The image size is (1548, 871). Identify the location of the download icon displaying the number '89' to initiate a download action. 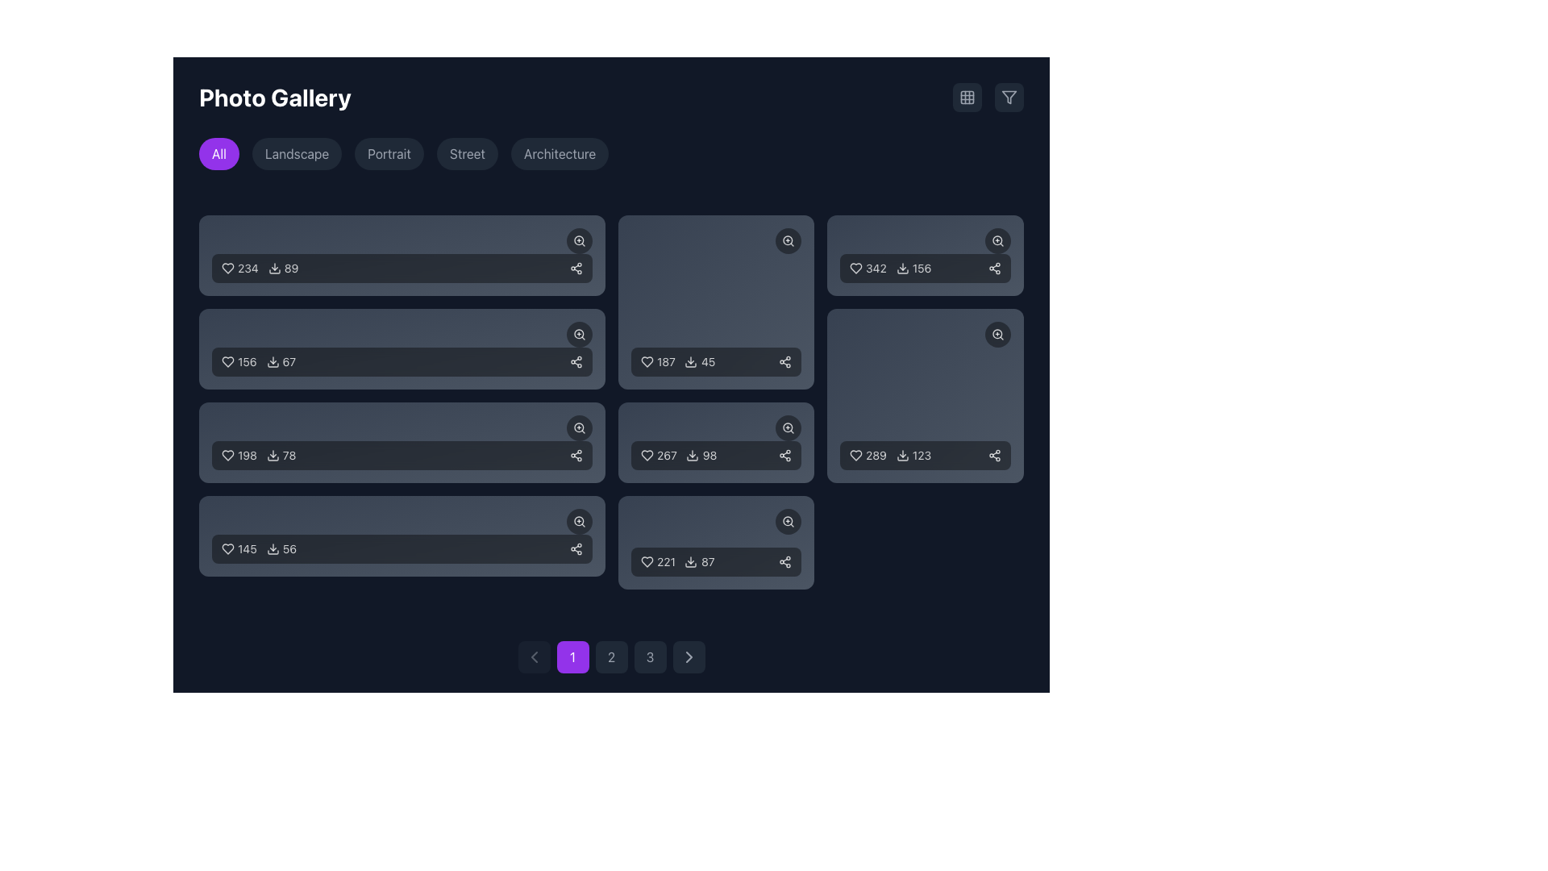
(283, 267).